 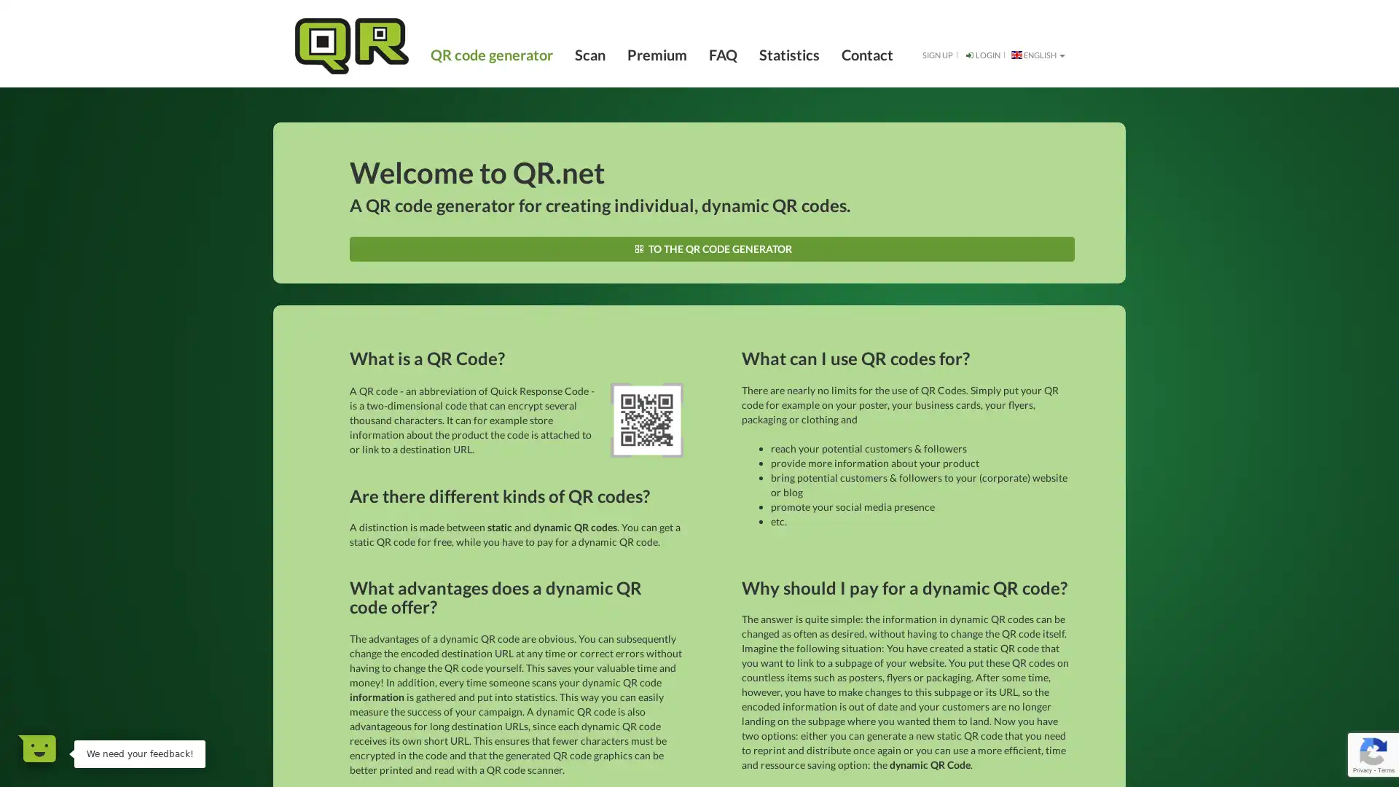 I want to click on TO THE QR CODE GENERATOR, so click(x=712, y=248).